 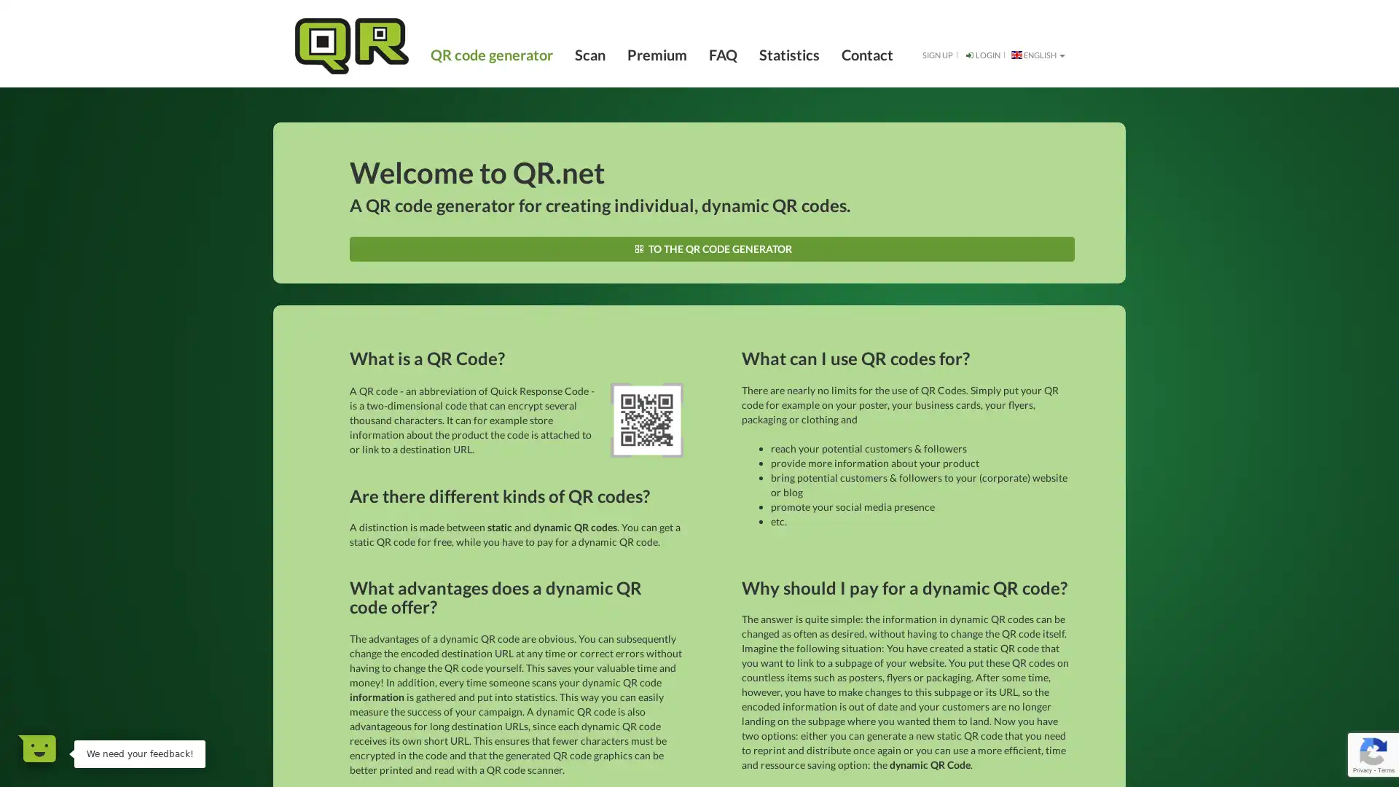 I want to click on TO THE QR CODE GENERATOR, so click(x=712, y=248).